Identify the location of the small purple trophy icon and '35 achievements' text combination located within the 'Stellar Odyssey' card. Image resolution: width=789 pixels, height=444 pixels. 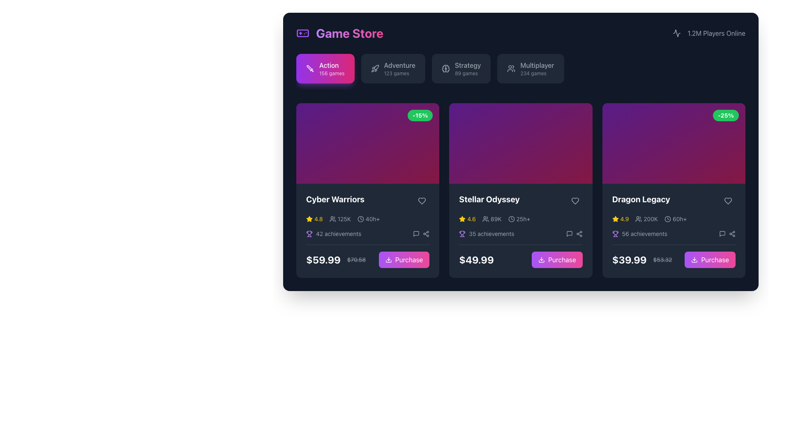
(487, 234).